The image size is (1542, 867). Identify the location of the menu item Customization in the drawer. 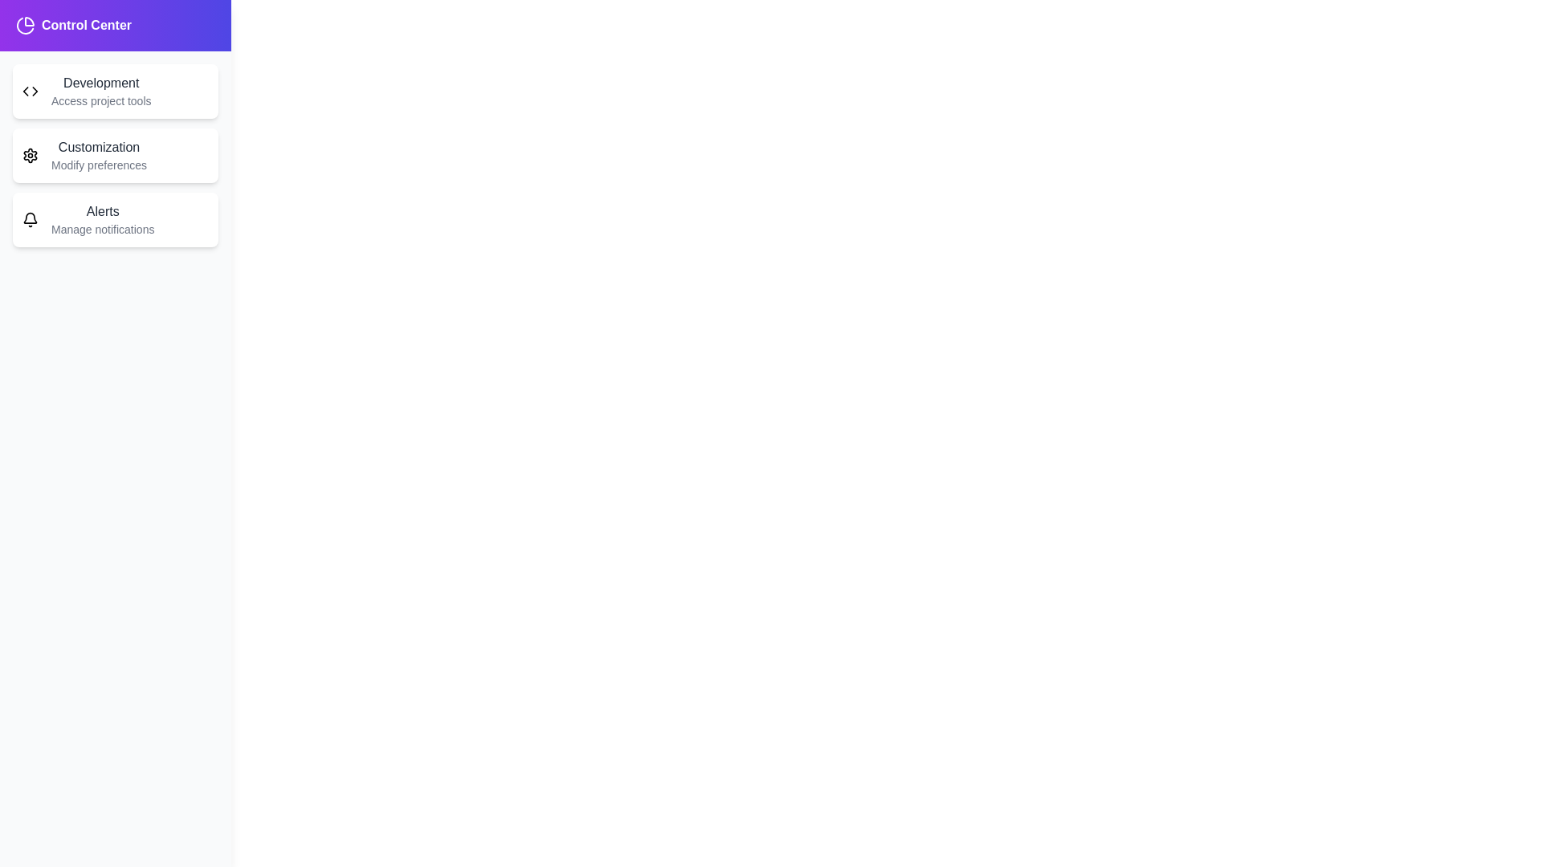
(115, 155).